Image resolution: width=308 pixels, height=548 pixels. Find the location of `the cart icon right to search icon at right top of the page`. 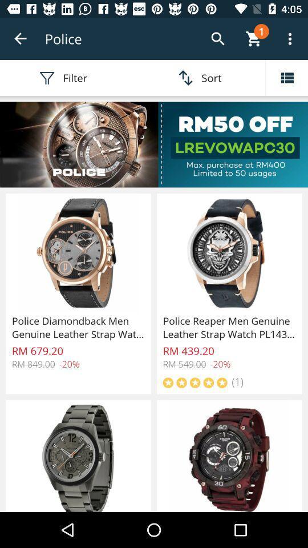

the cart icon right to search icon at right top of the page is located at coordinates (254, 39).